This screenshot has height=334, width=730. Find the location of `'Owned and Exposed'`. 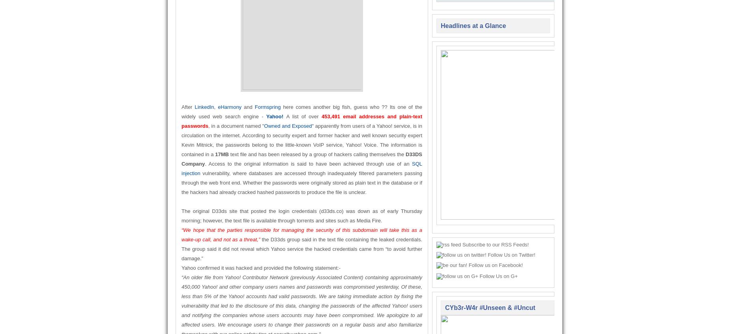

'Owned and Exposed' is located at coordinates (288, 126).